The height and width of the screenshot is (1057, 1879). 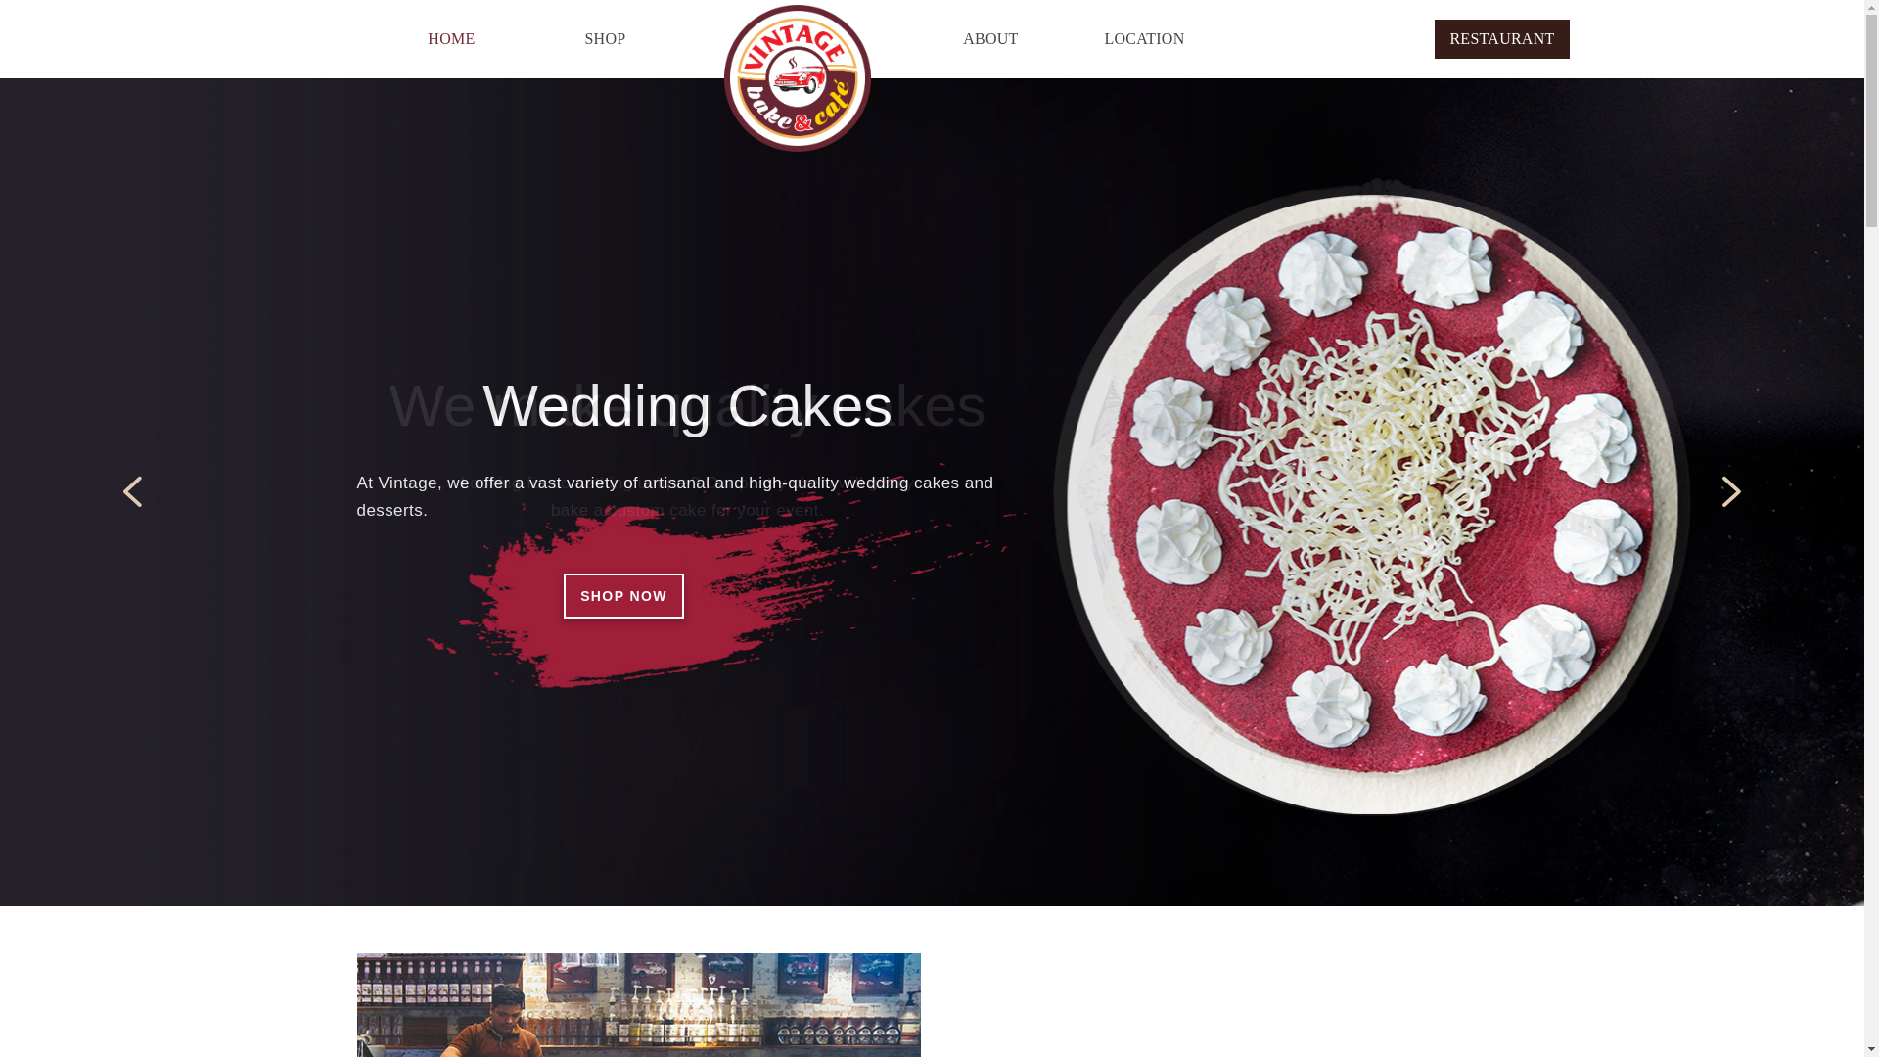 What do you see at coordinates (1500, 38) in the screenshot?
I see `'RESTAURANT'` at bounding box center [1500, 38].